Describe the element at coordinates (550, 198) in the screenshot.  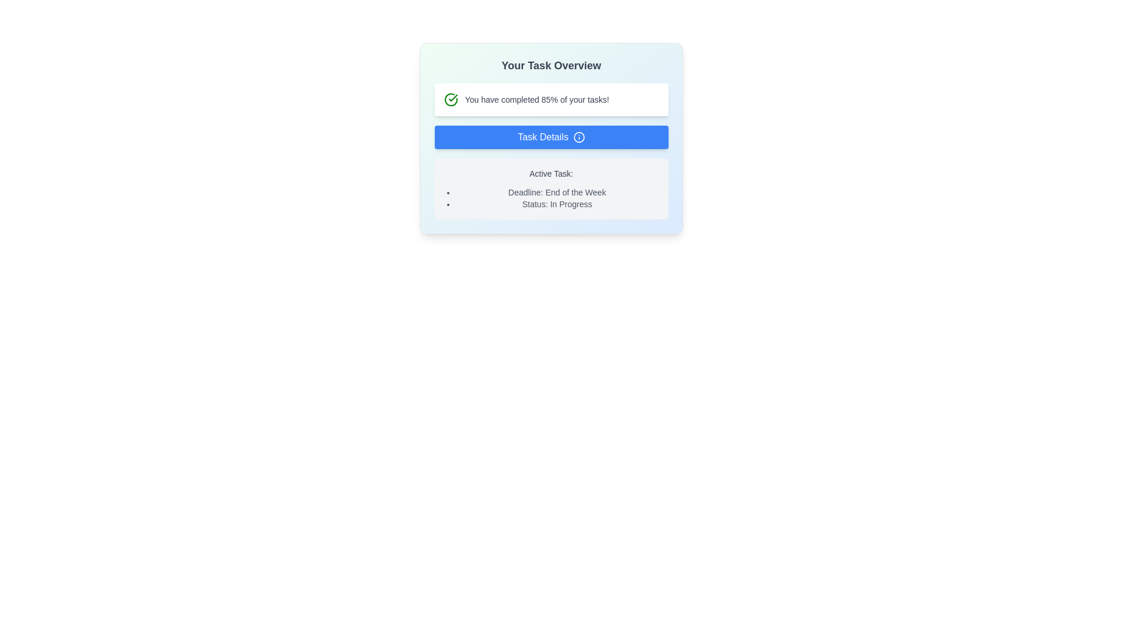
I see `the content of the Text Display that shows the deadline and status of the task, located below 'Active Task:'` at that location.